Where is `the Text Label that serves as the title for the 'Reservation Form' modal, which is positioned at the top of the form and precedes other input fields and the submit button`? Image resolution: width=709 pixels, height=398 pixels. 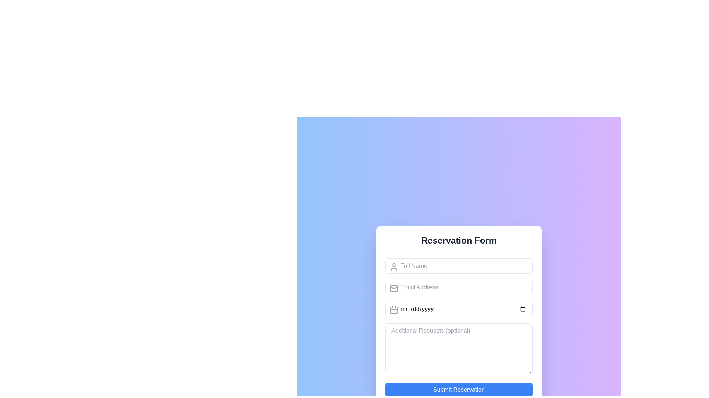 the Text Label that serves as the title for the 'Reservation Form' modal, which is positioned at the top of the form and precedes other input fields and the submit button is located at coordinates (459, 240).